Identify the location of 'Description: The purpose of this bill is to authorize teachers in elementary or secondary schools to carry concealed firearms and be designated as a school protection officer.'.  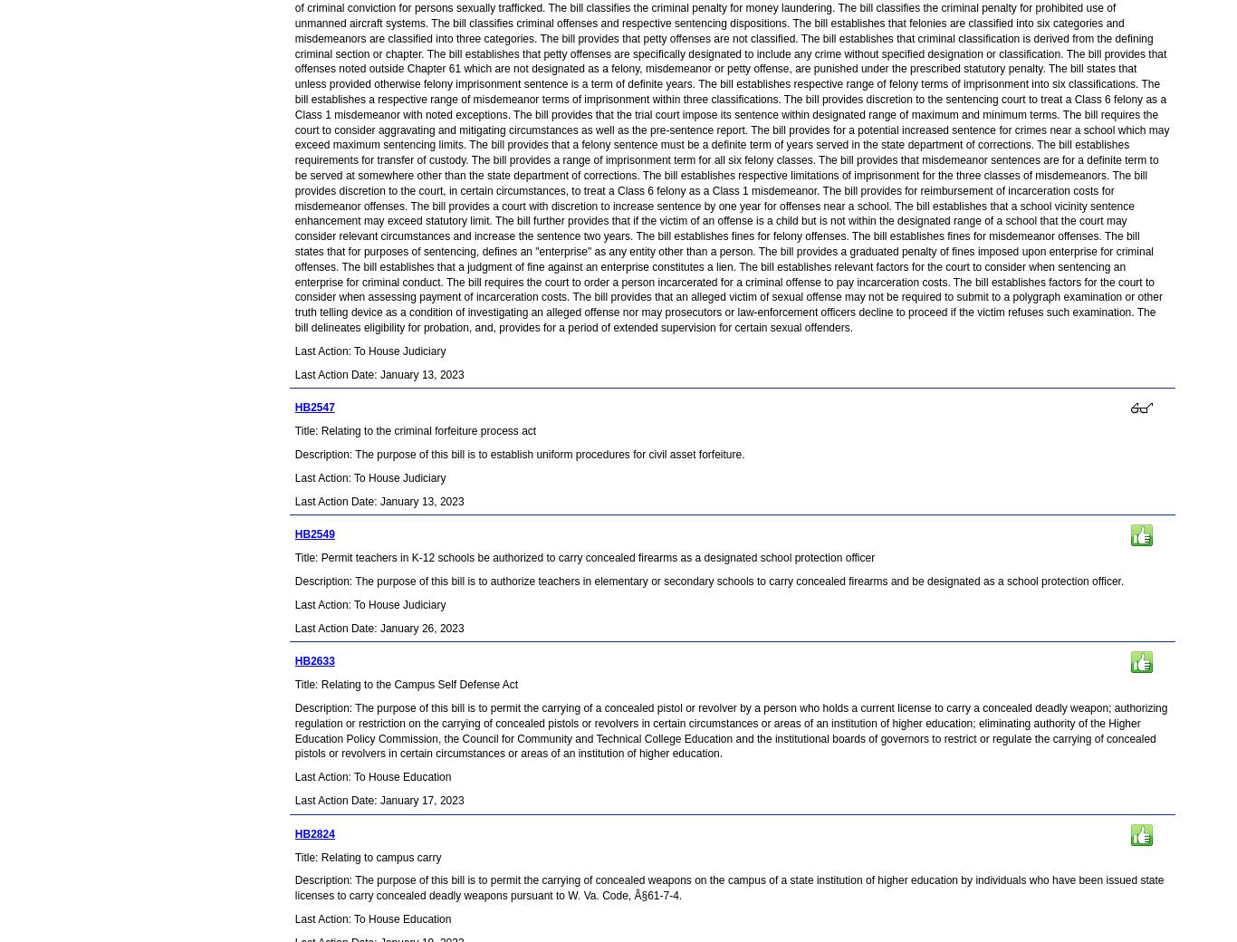
(708, 579).